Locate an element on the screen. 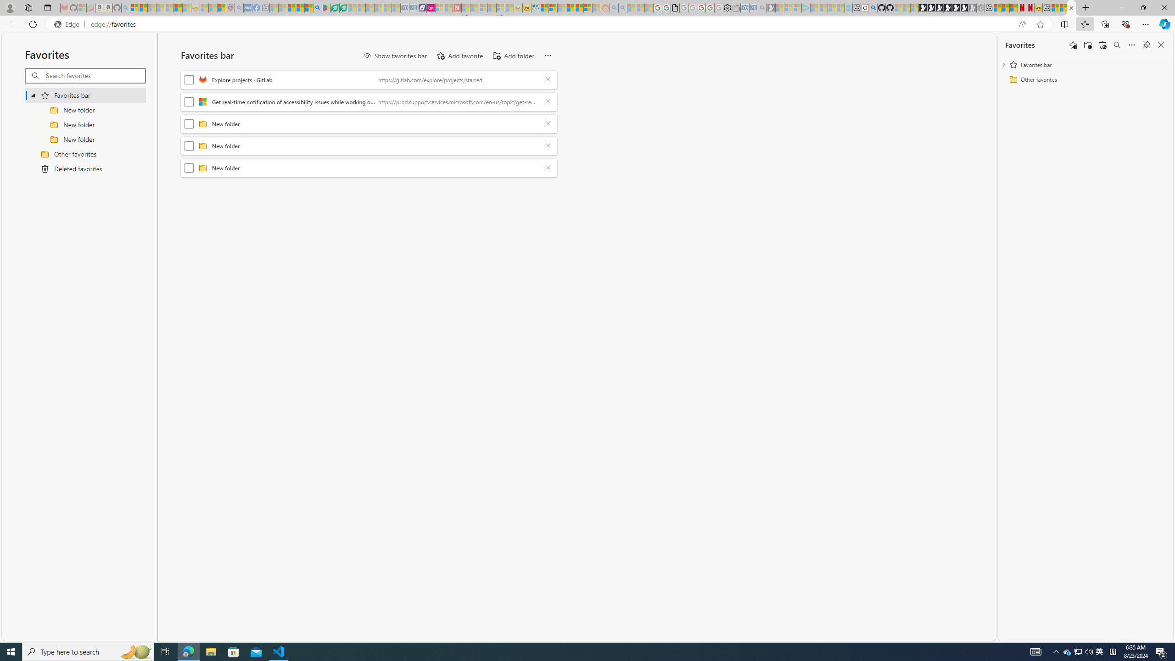 Image resolution: width=1175 pixels, height=661 pixels. 'Collections' is located at coordinates (1104, 23).